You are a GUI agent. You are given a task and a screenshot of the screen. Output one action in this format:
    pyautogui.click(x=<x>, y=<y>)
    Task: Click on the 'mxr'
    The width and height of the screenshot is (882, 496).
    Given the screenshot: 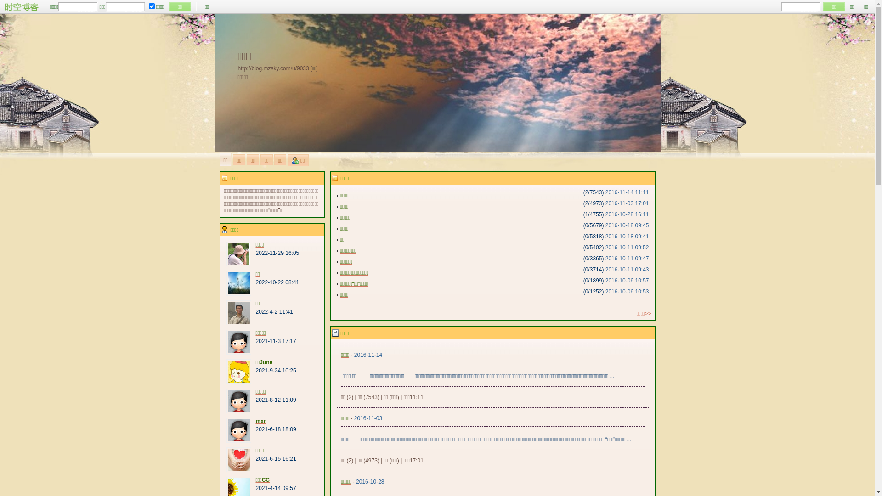 What is the action you would take?
    pyautogui.click(x=255, y=421)
    